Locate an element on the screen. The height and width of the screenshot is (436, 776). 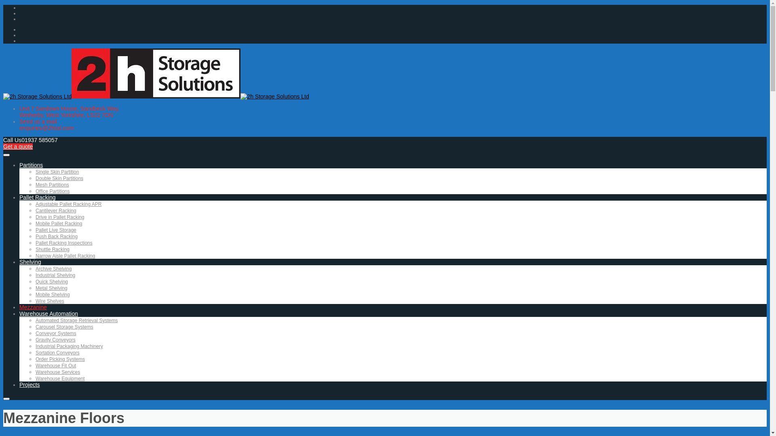
'Shelving' is located at coordinates (30, 262).